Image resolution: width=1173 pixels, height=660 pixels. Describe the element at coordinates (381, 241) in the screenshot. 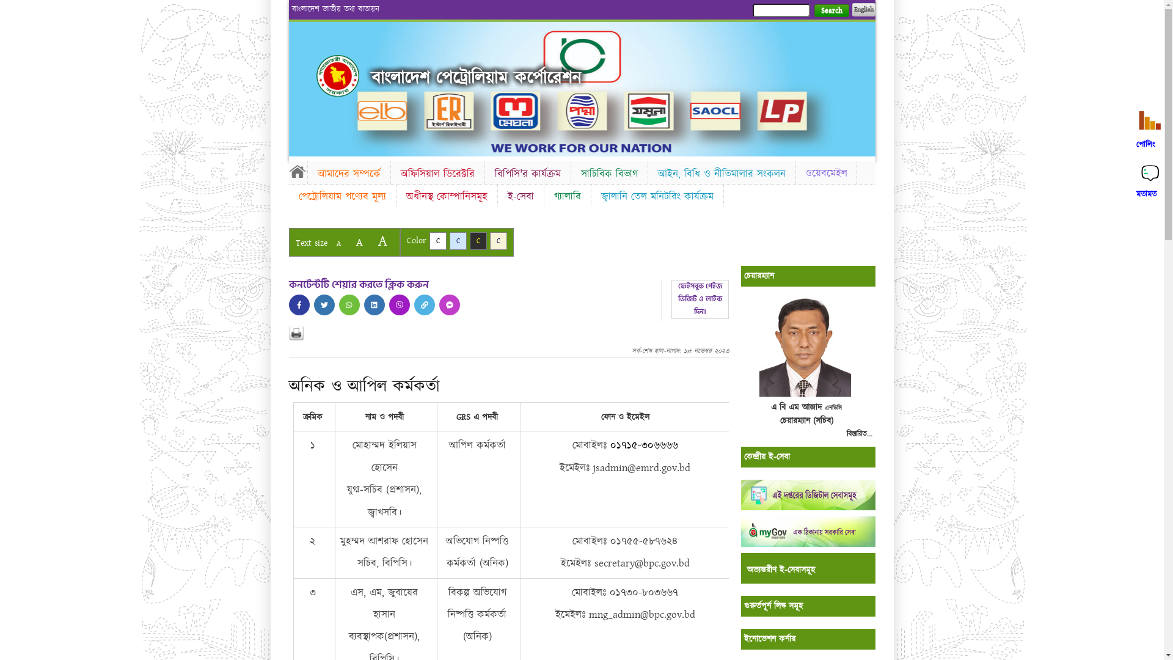

I see `'A'` at that location.